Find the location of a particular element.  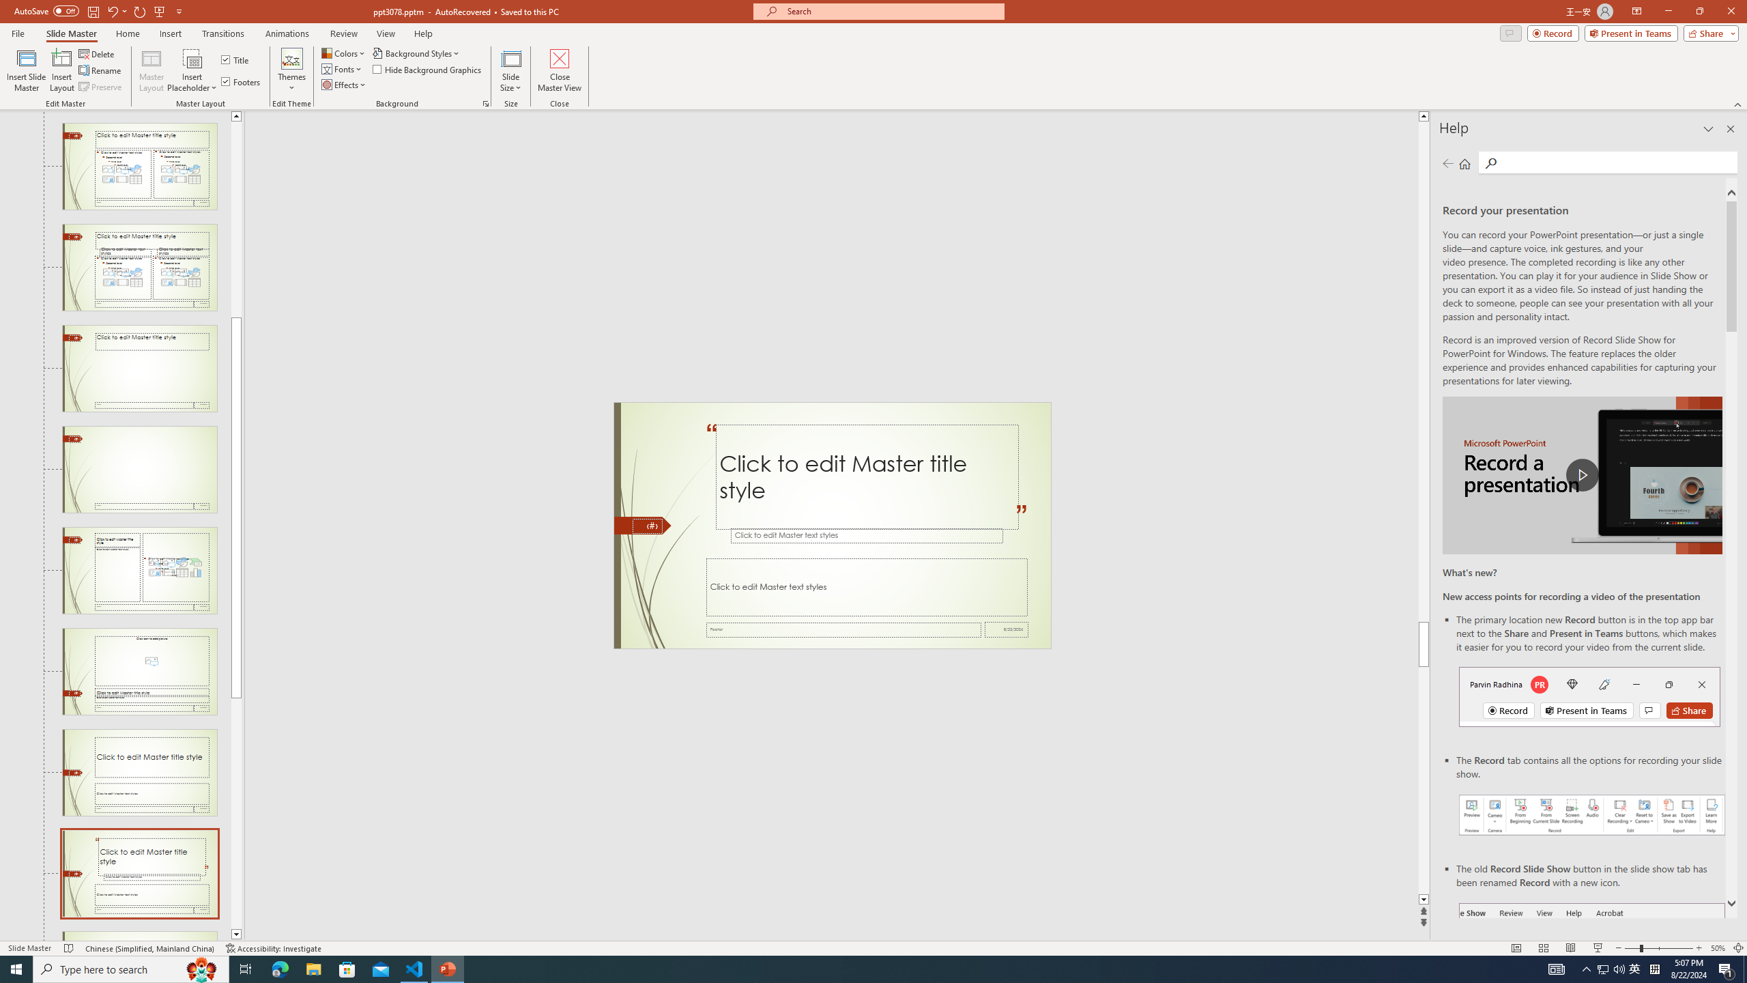

'Preserve' is located at coordinates (100, 87).